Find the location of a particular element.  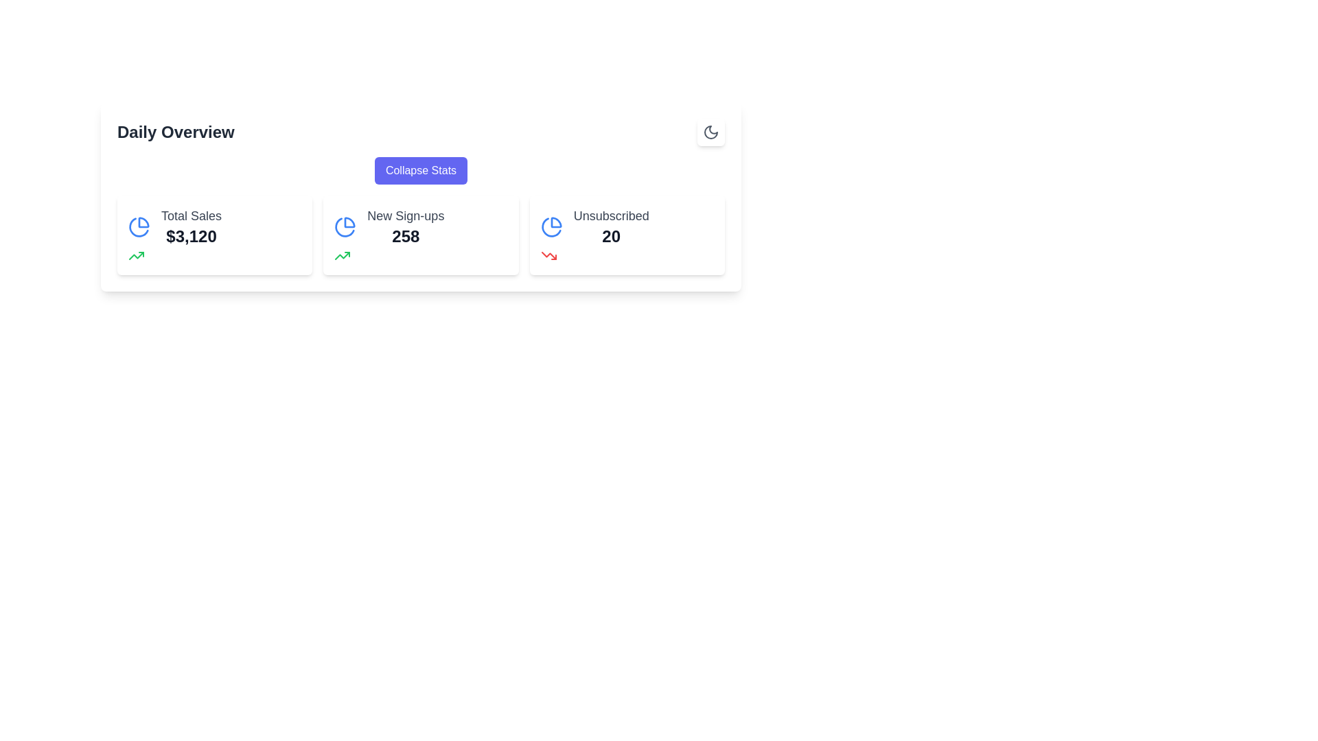

text label that serves as a title or header, providing context to the surrounding interface is located at coordinates (175, 132).